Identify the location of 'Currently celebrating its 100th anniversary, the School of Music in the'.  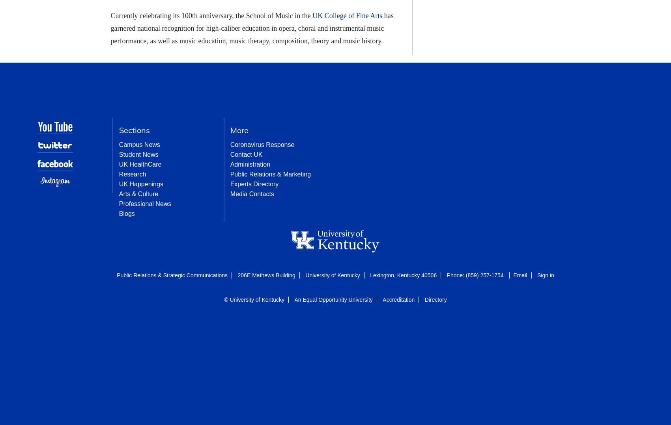
(211, 15).